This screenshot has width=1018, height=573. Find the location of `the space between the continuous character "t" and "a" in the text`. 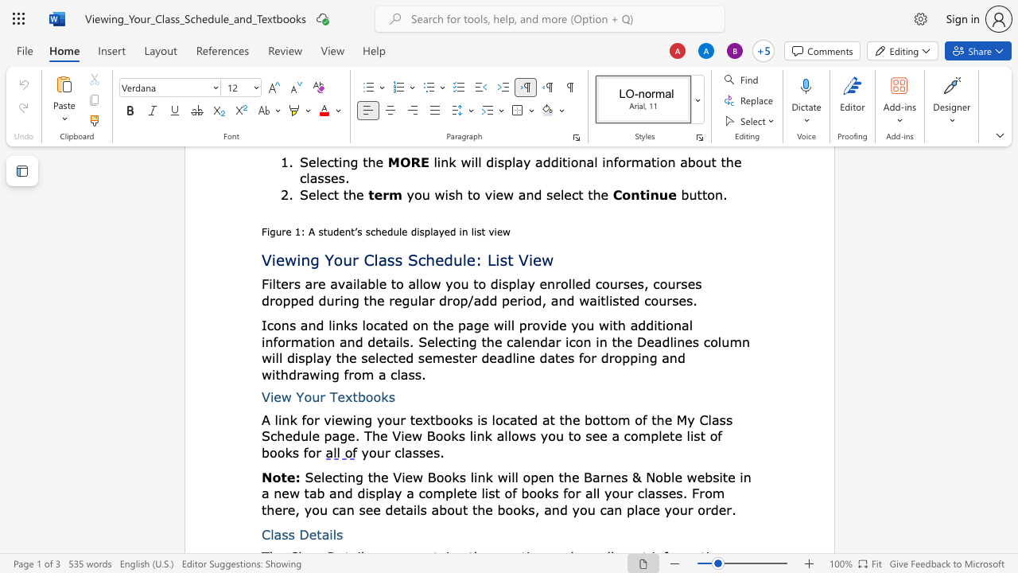

the space between the continuous character "t" and "a" in the text is located at coordinates (321, 534).